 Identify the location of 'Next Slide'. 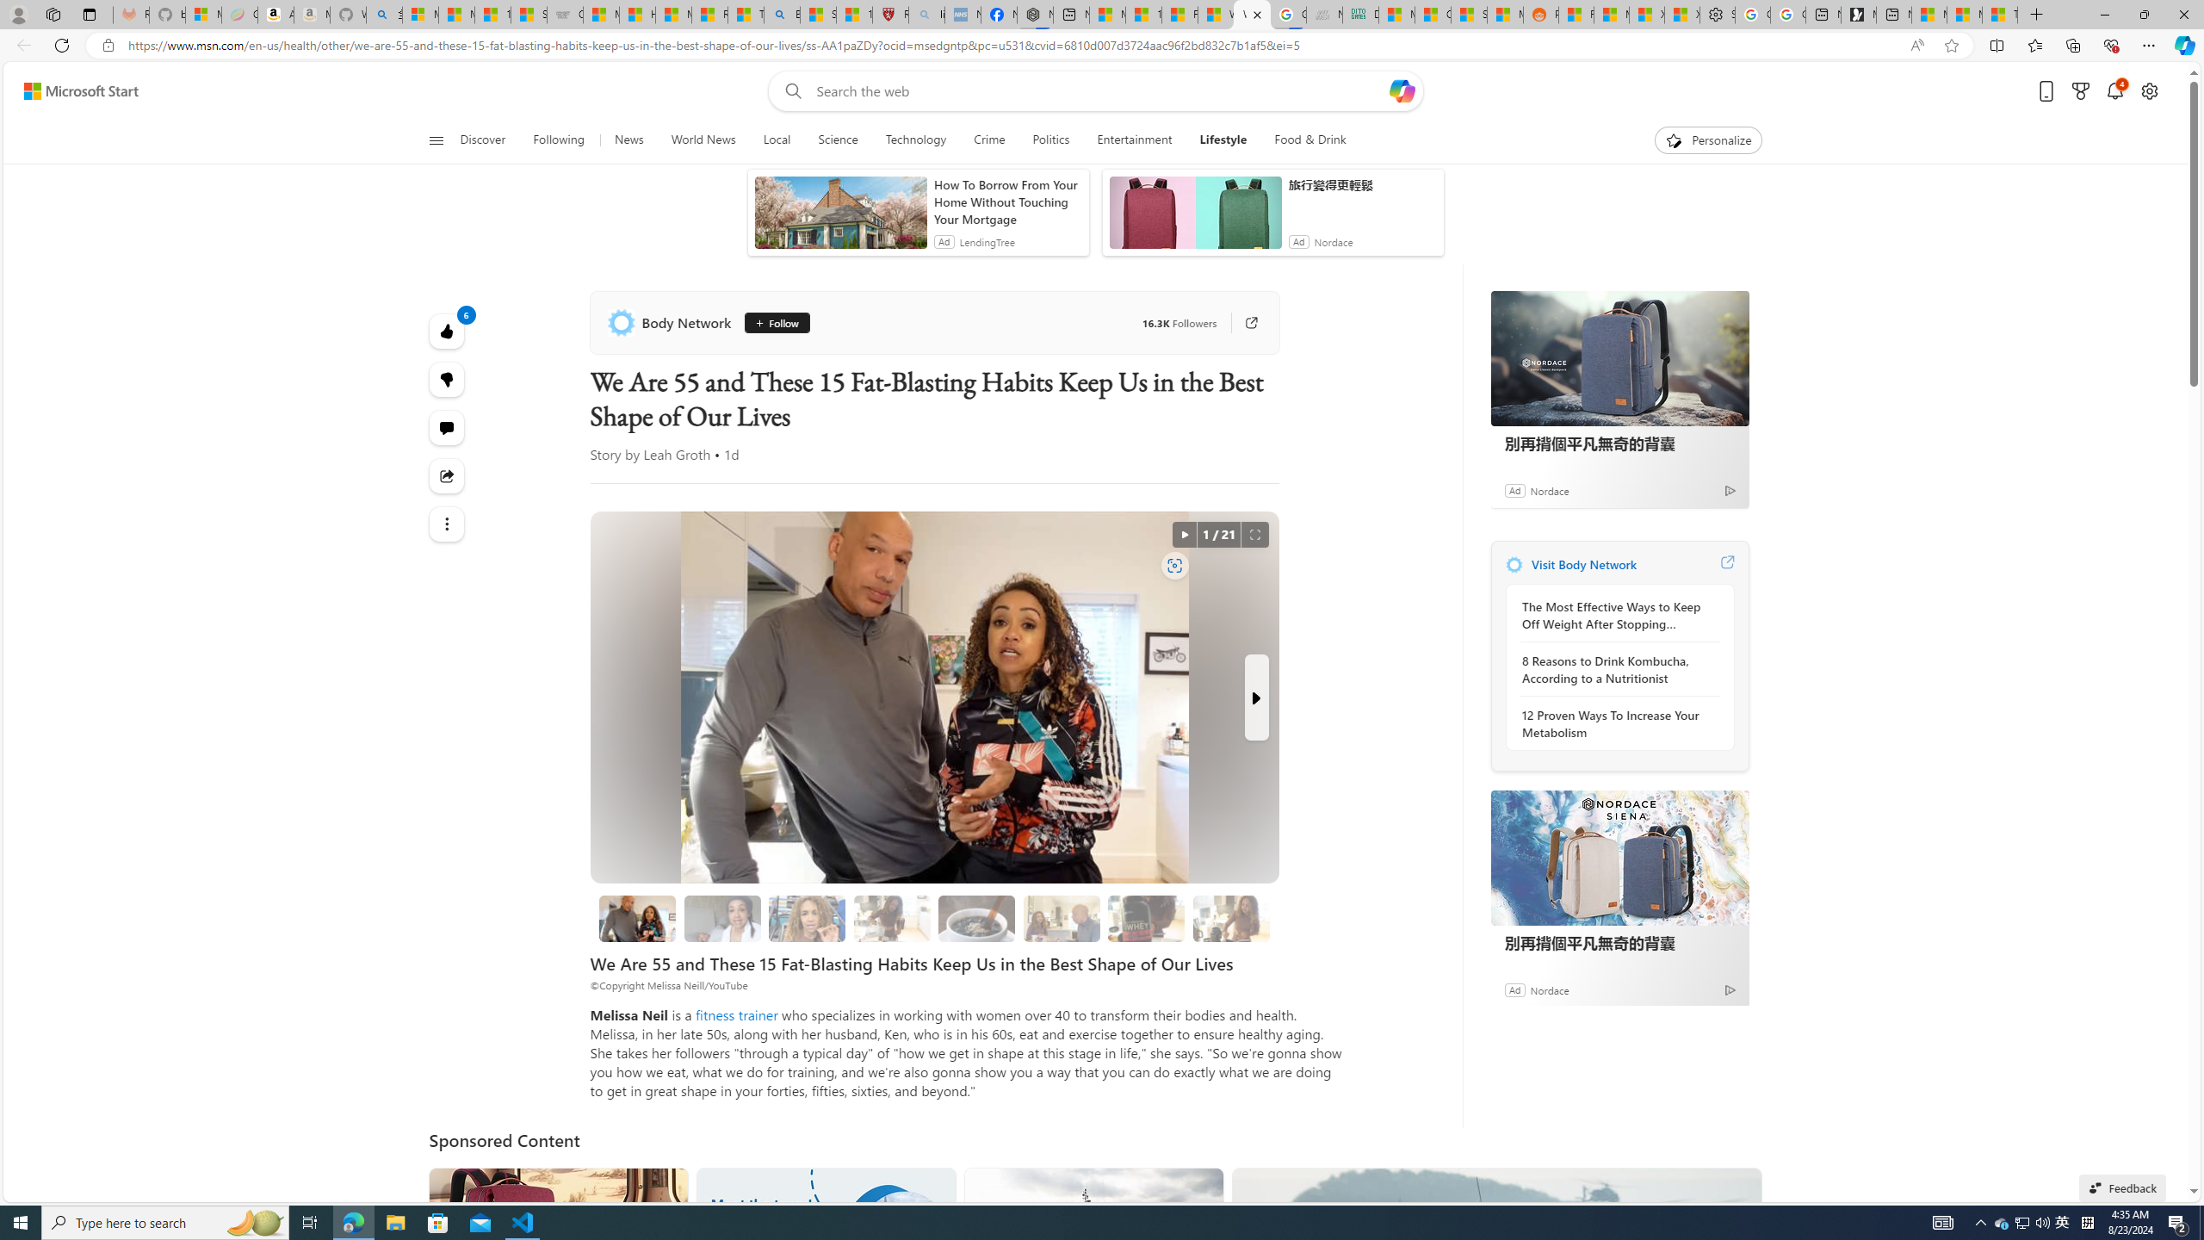
(1256, 697).